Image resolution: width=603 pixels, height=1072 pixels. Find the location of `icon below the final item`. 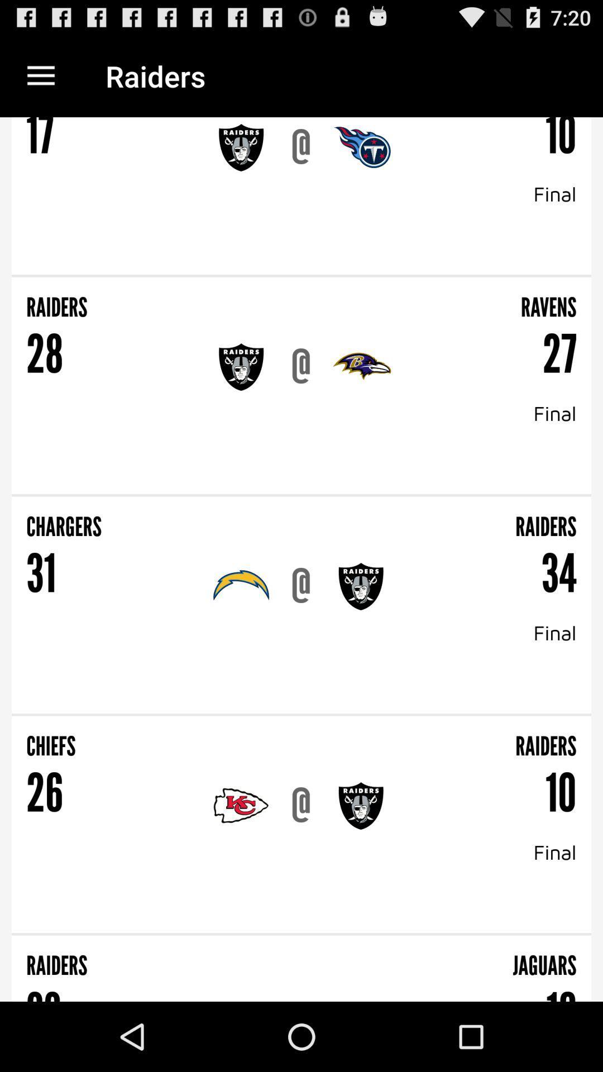

icon below the final item is located at coordinates (301, 715).